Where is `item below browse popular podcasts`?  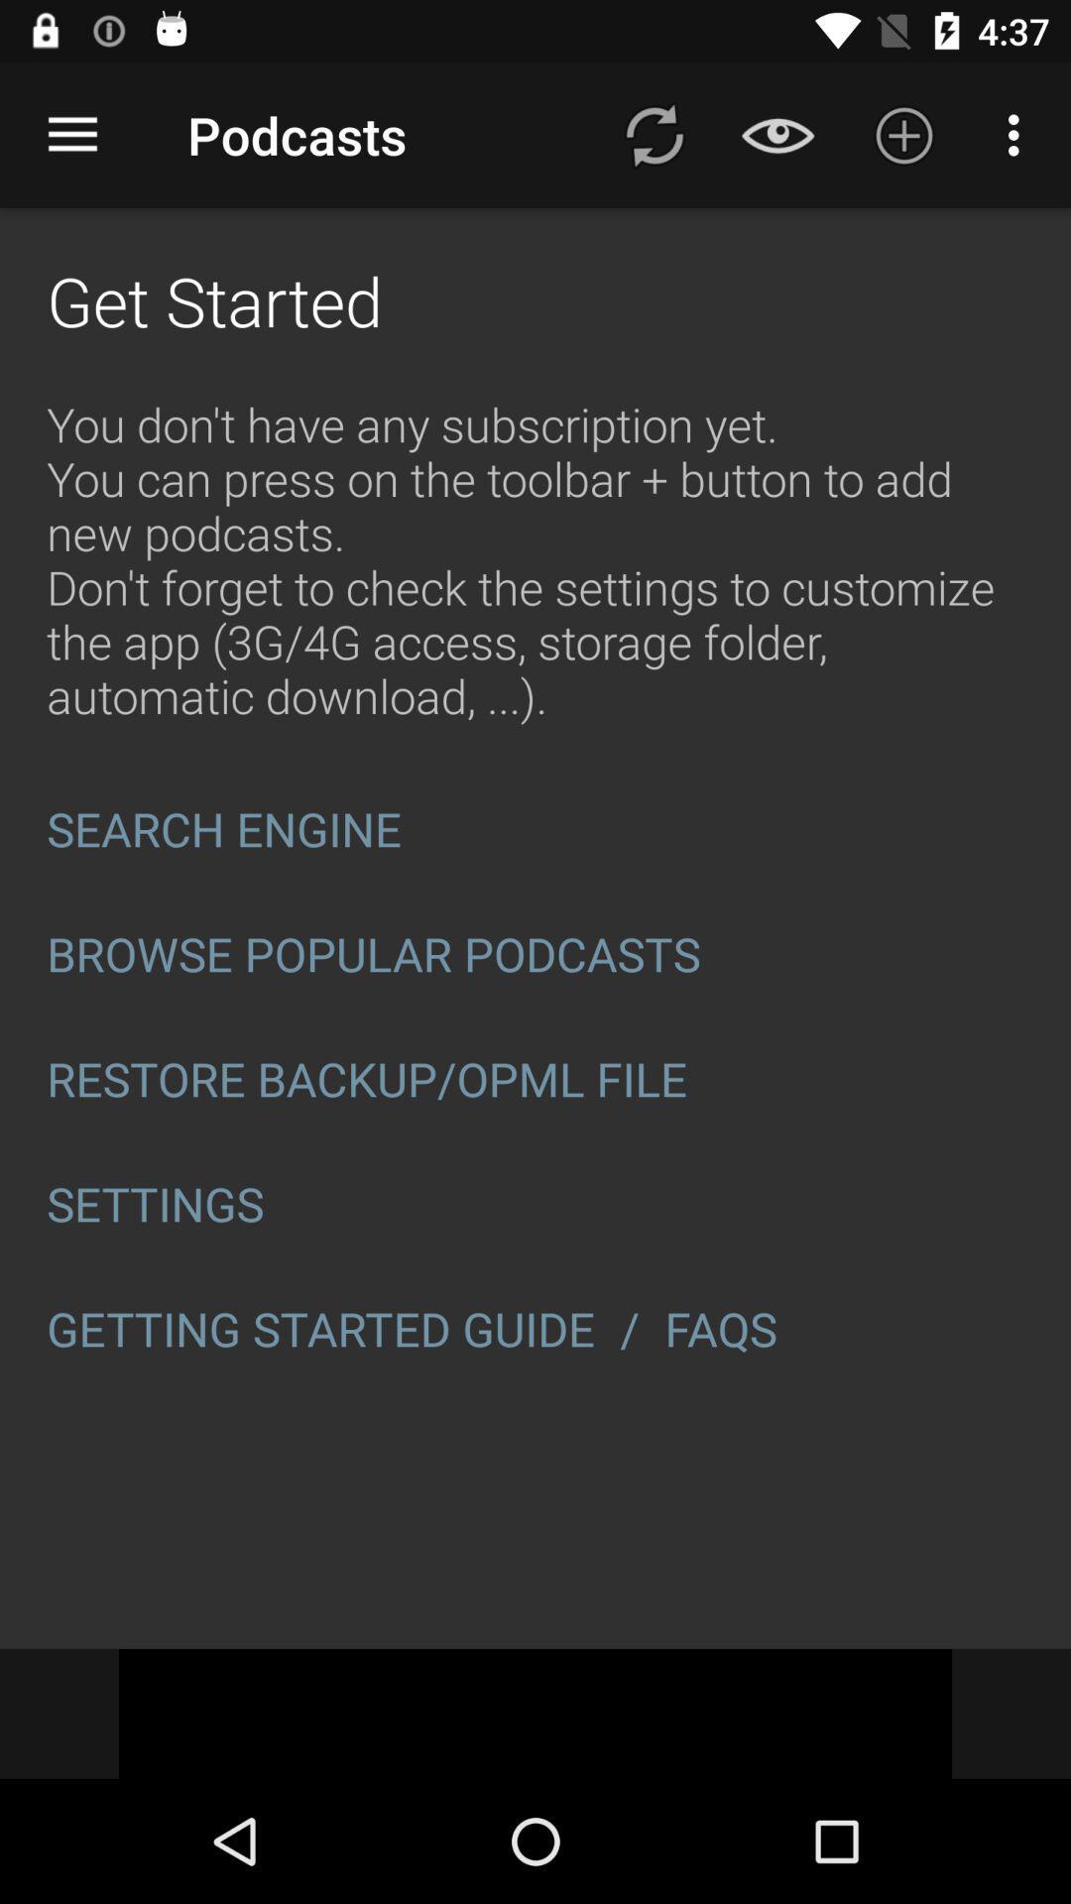 item below browse popular podcasts is located at coordinates (535, 1078).